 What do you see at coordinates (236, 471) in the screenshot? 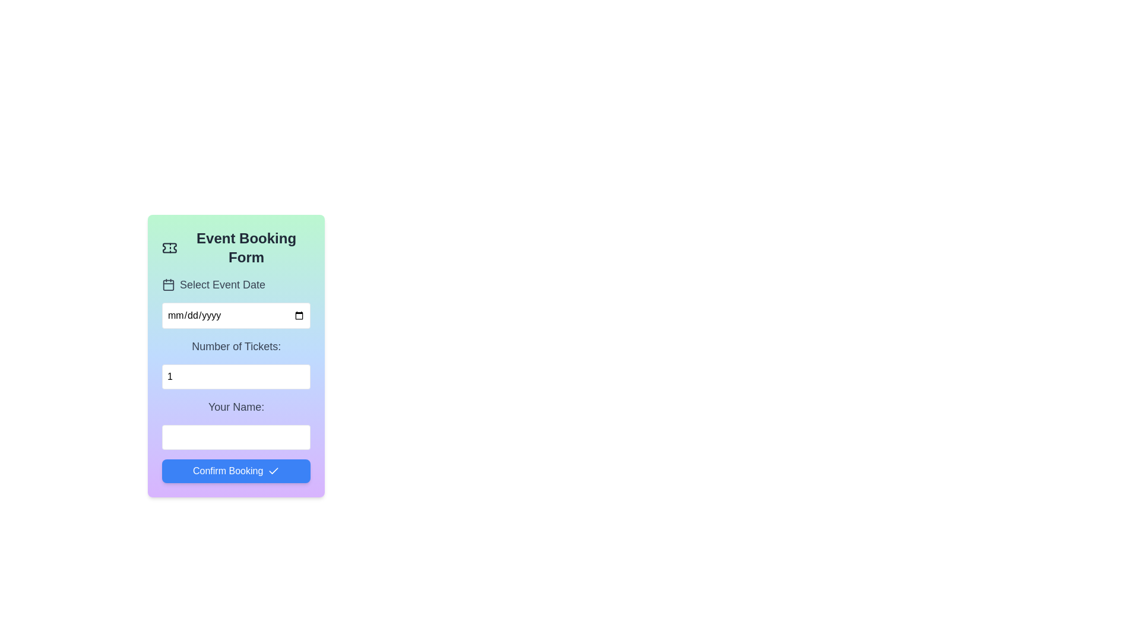
I see `the confirm booking button located at the bottom of the event booking form, which is horizontally centered below the 'Your Name' text input, to provide visual feedback` at bounding box center [236, 471].